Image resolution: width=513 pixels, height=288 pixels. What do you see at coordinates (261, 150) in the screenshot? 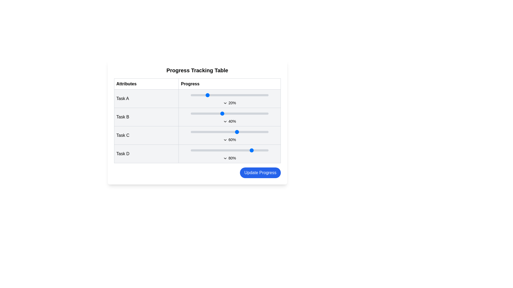
I see `task progress` at bounding box center [261, 150].